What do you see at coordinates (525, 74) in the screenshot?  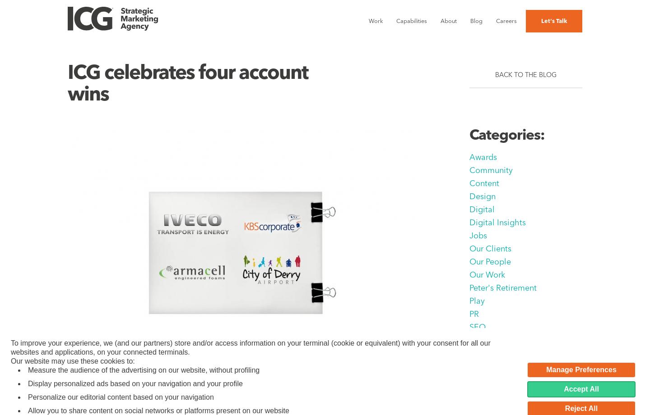 I see `'BACK TO THE BLOG'` at bounding box center [525, 74].